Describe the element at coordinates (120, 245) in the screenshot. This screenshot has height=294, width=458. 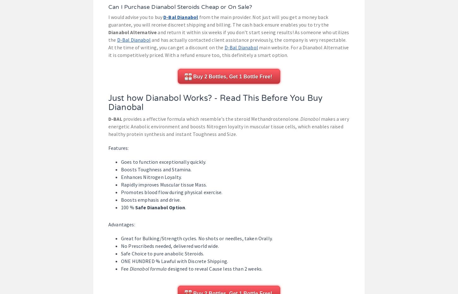
I see `'No Prescribeds needed, delivered world wide.'` at that location.